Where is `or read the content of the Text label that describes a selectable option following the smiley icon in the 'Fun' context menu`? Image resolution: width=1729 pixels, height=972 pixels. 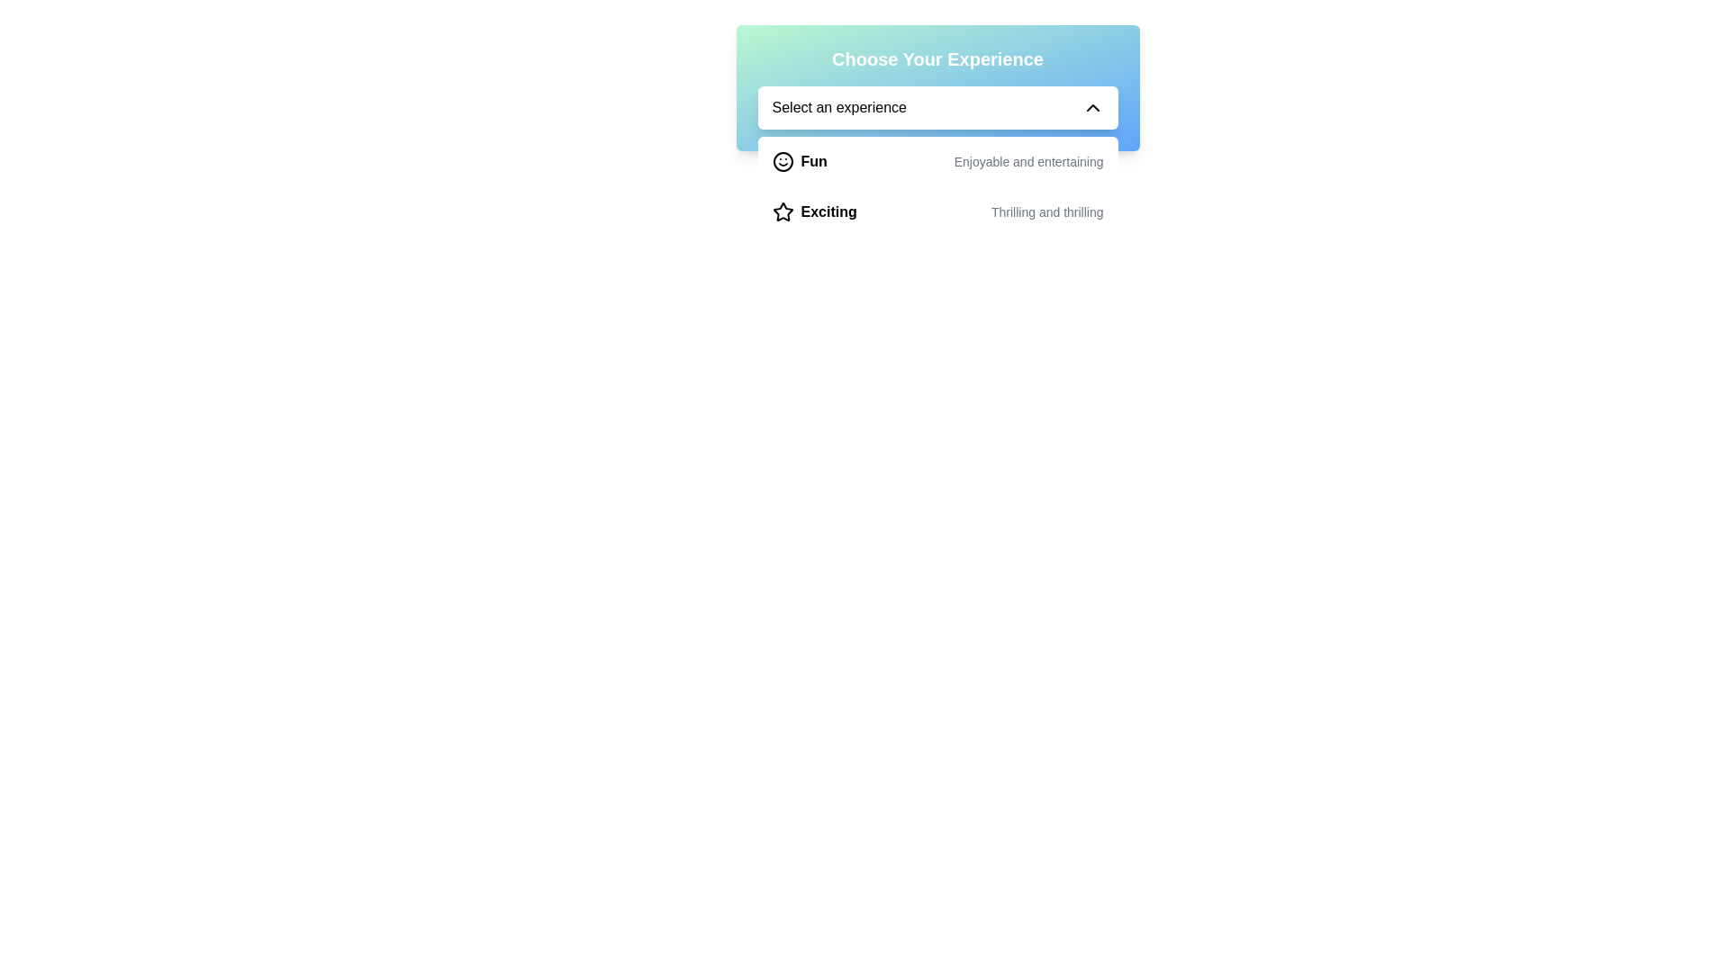 or read the content of the Text label that describes a selectable option following the smiley icon in the 'Fun' context menu is located at coordinates (813, 162).